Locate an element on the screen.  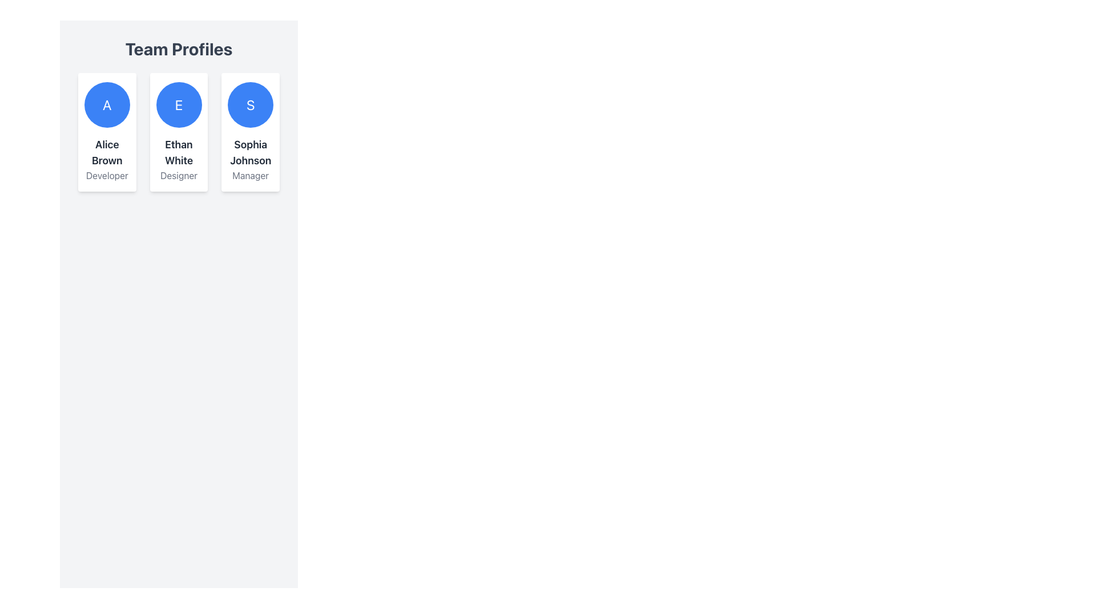
the text element displaying 'Ethan White', which is styled in bold dark gray and positioned below the circular icon with the letter 'E' is located at coordinates (178, 152).